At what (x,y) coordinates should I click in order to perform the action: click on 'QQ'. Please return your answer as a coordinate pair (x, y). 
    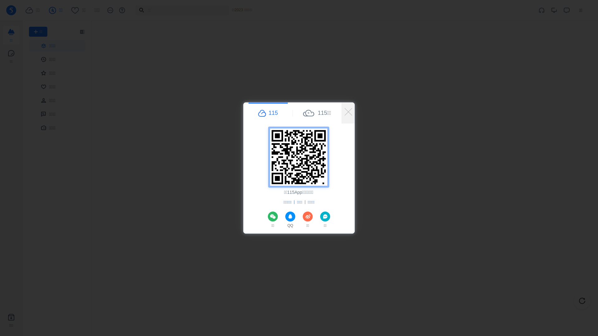
    Looking at the image, I should click on (290, 220).